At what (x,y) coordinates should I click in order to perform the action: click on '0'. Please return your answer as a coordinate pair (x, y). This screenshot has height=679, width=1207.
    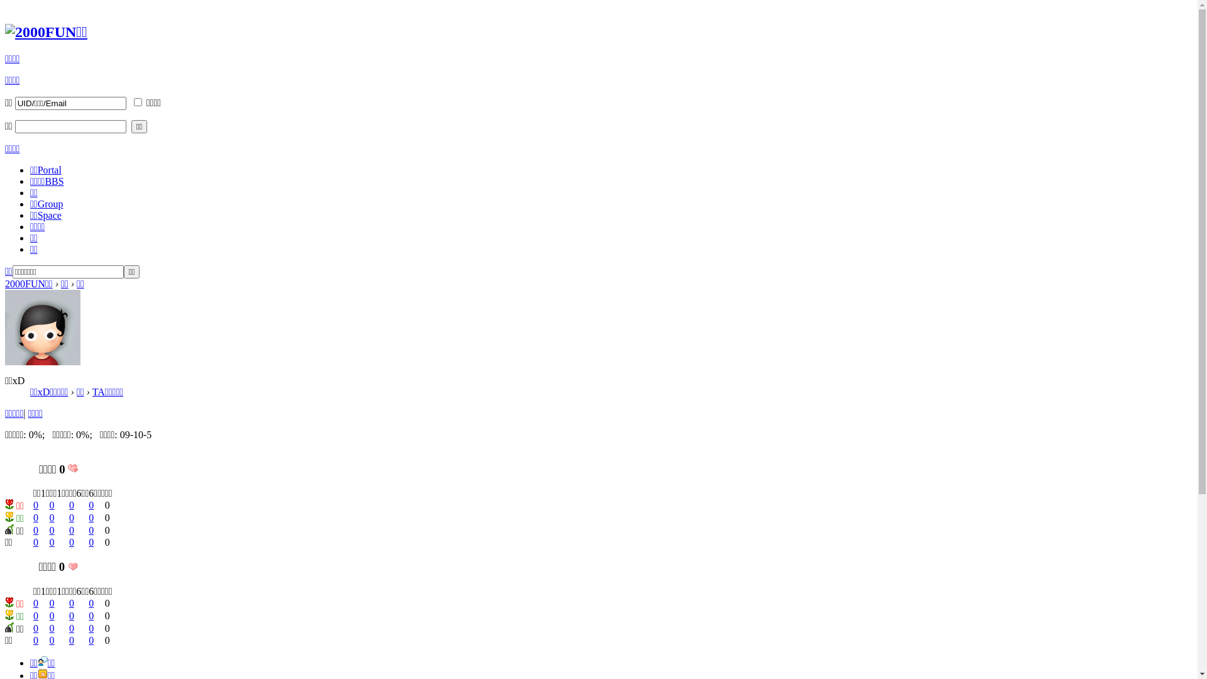
    Looking at the image, I should click on (90, 615).